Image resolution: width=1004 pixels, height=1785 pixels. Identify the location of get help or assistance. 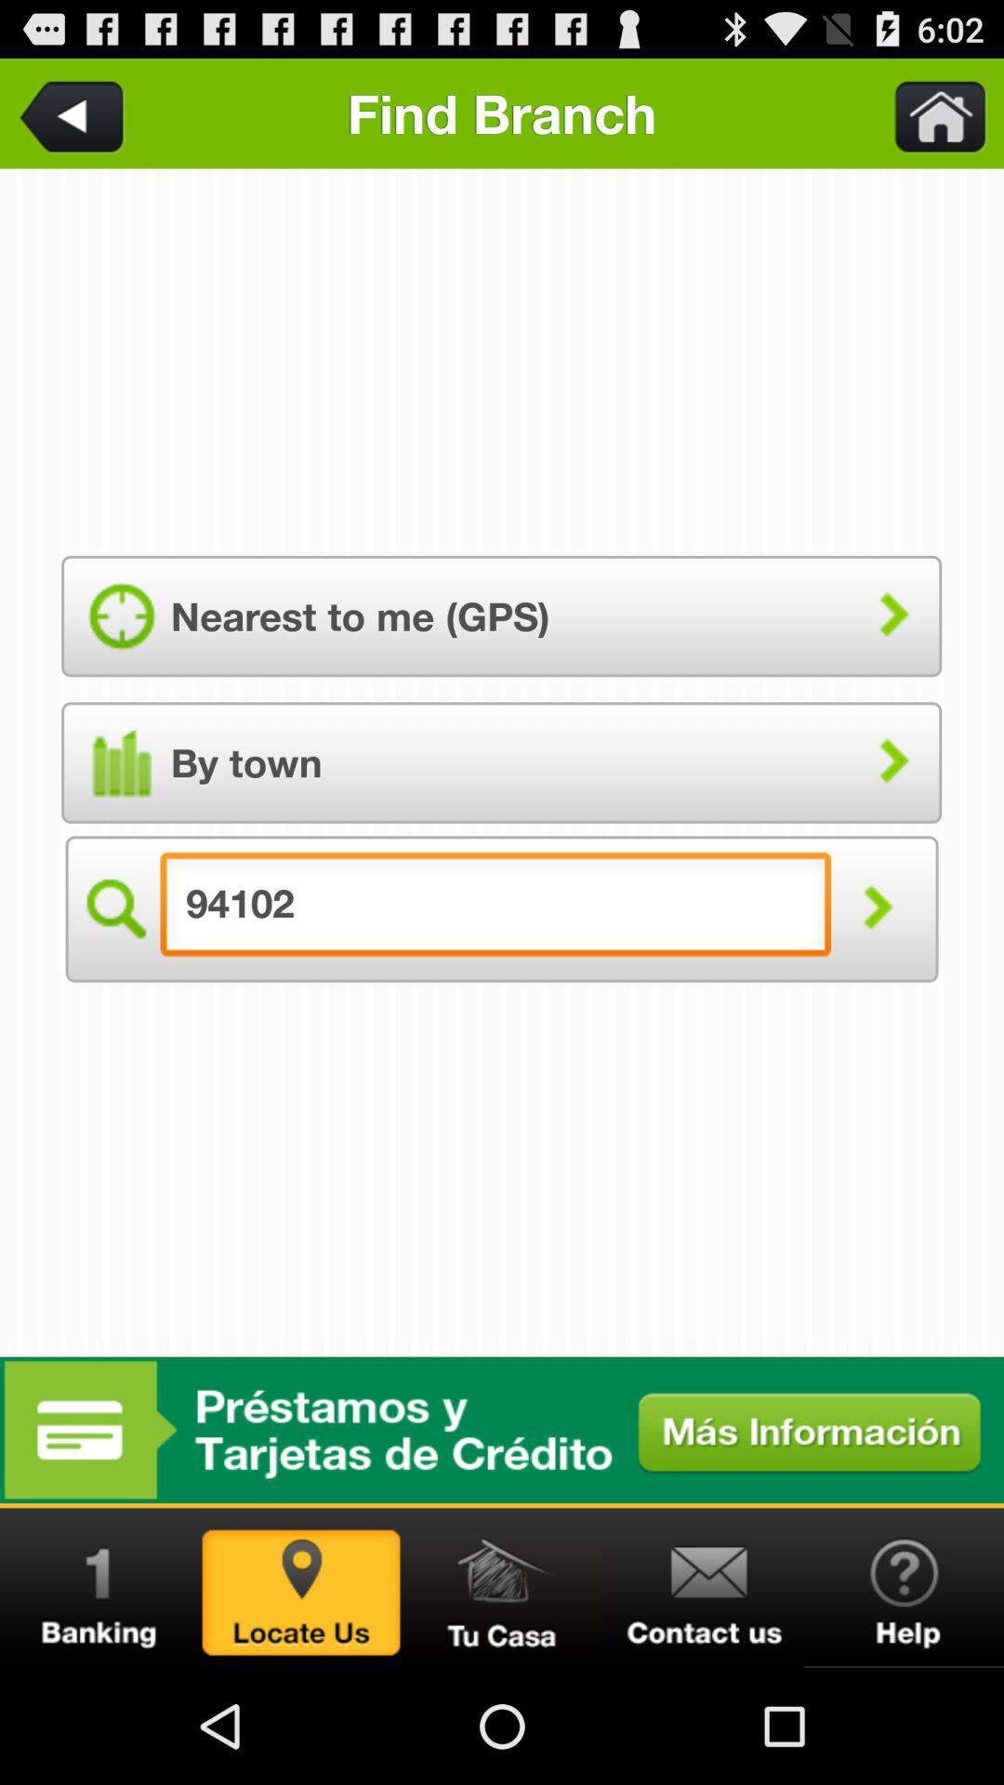
(903, 1587).